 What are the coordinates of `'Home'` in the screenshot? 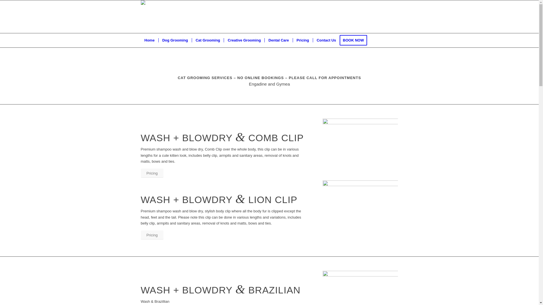 It's located at (149, 40).